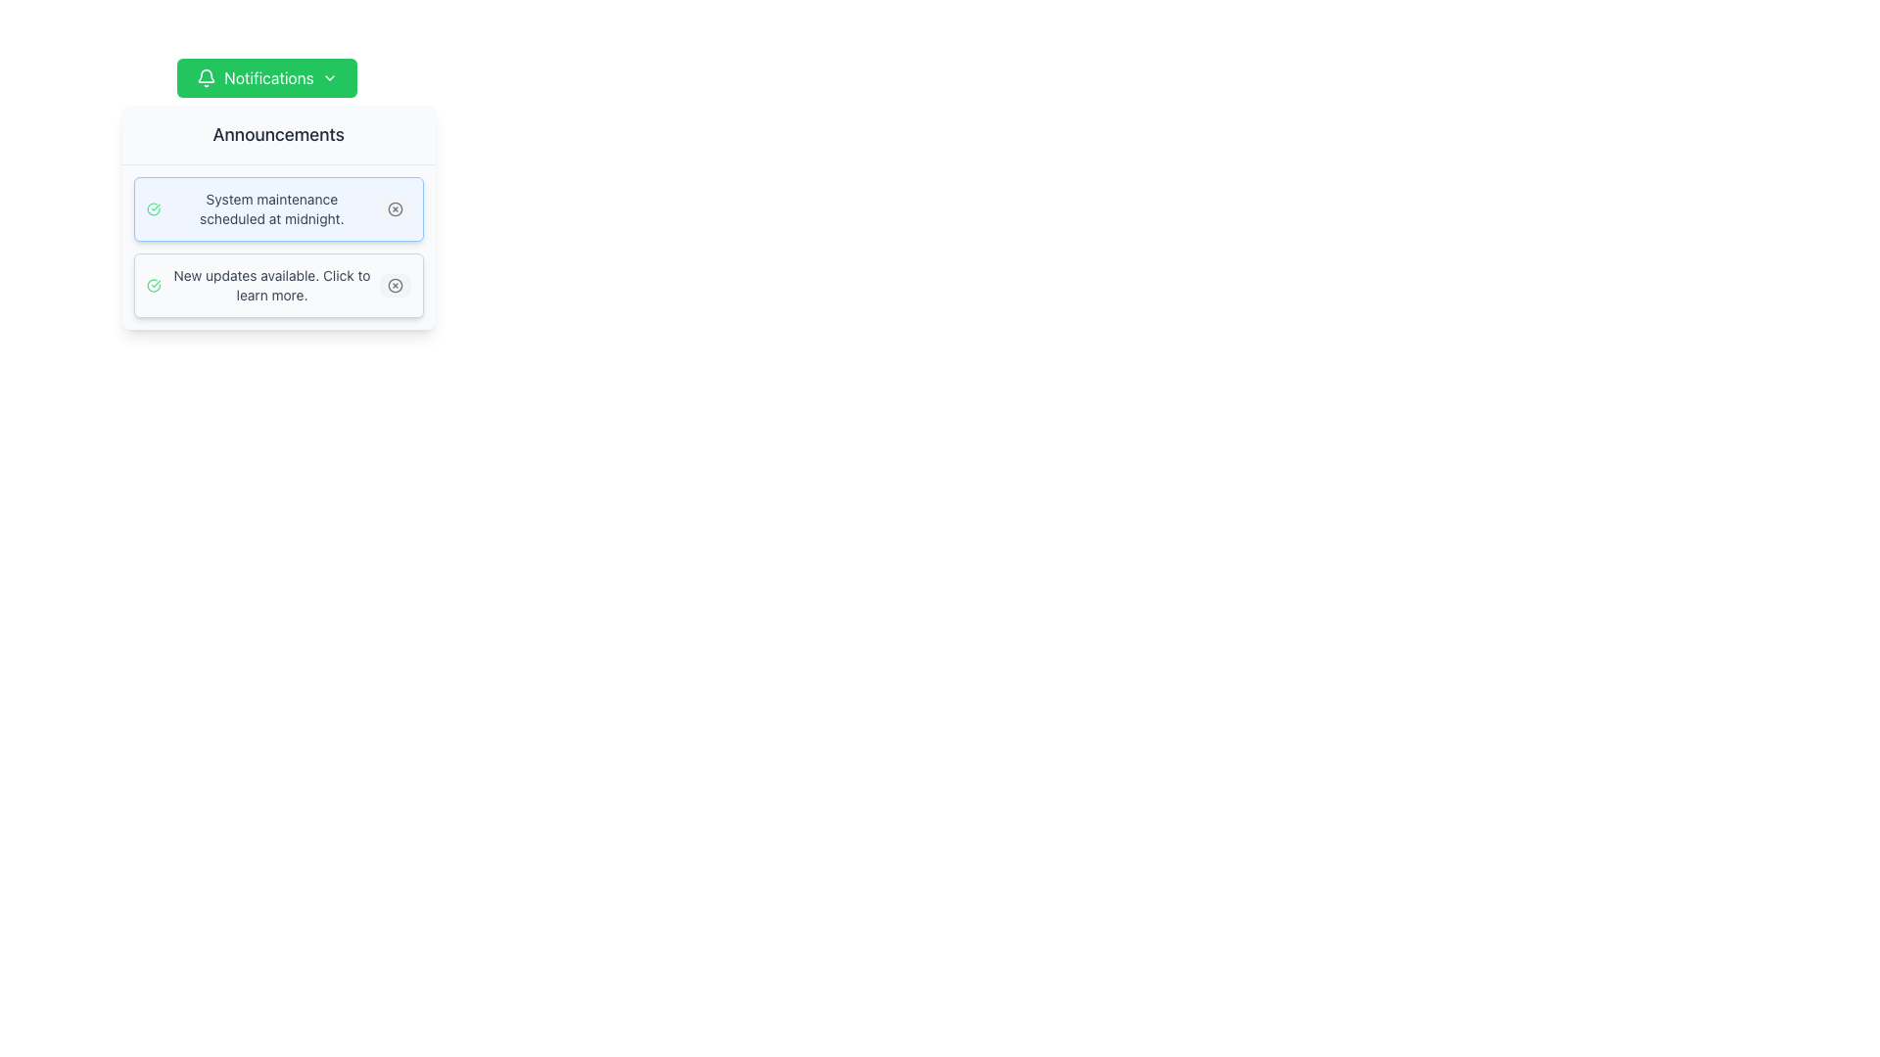  What do you see at coordinates (152, 208) in the screenshot?
I see `the success icon located in the upper notification card of the 'Announcements' section, positioned to the left of the text 'System maintenance scheduled at midnight.'` at bounding box center [152, 208].